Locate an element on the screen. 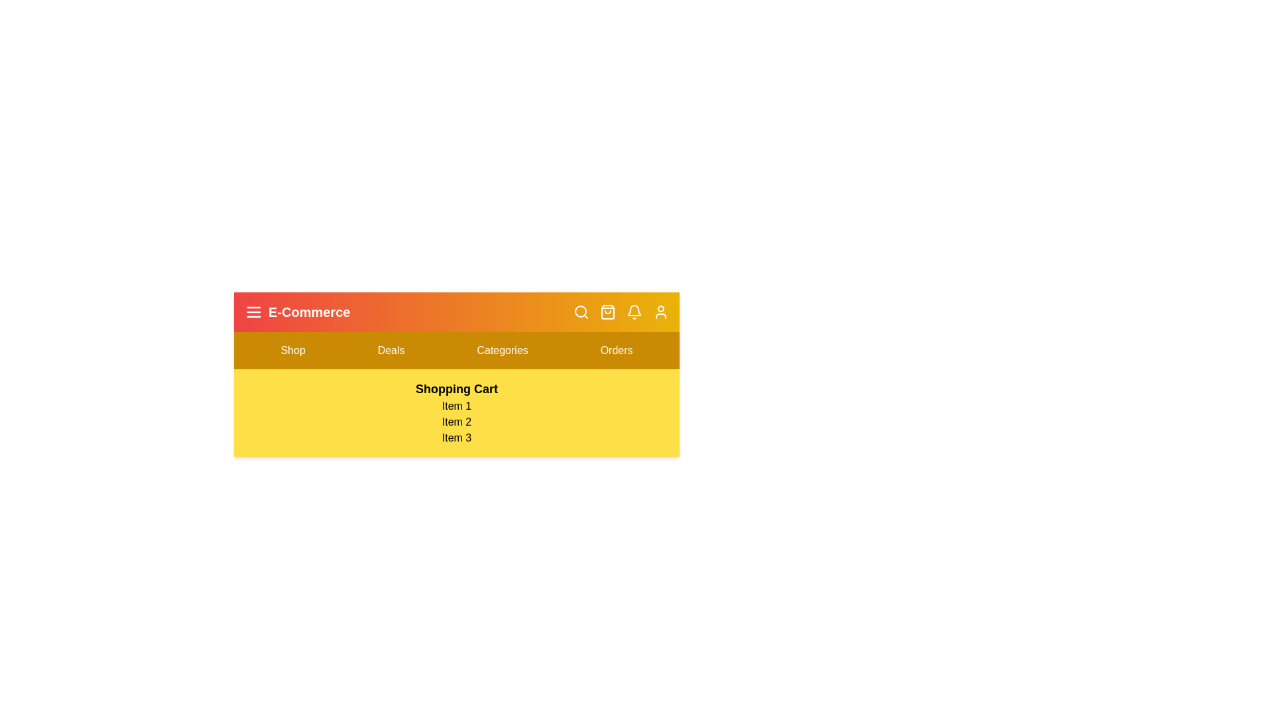  the shopping bag icon to toggle the shopping cart view is located at coordinates (607, 312).